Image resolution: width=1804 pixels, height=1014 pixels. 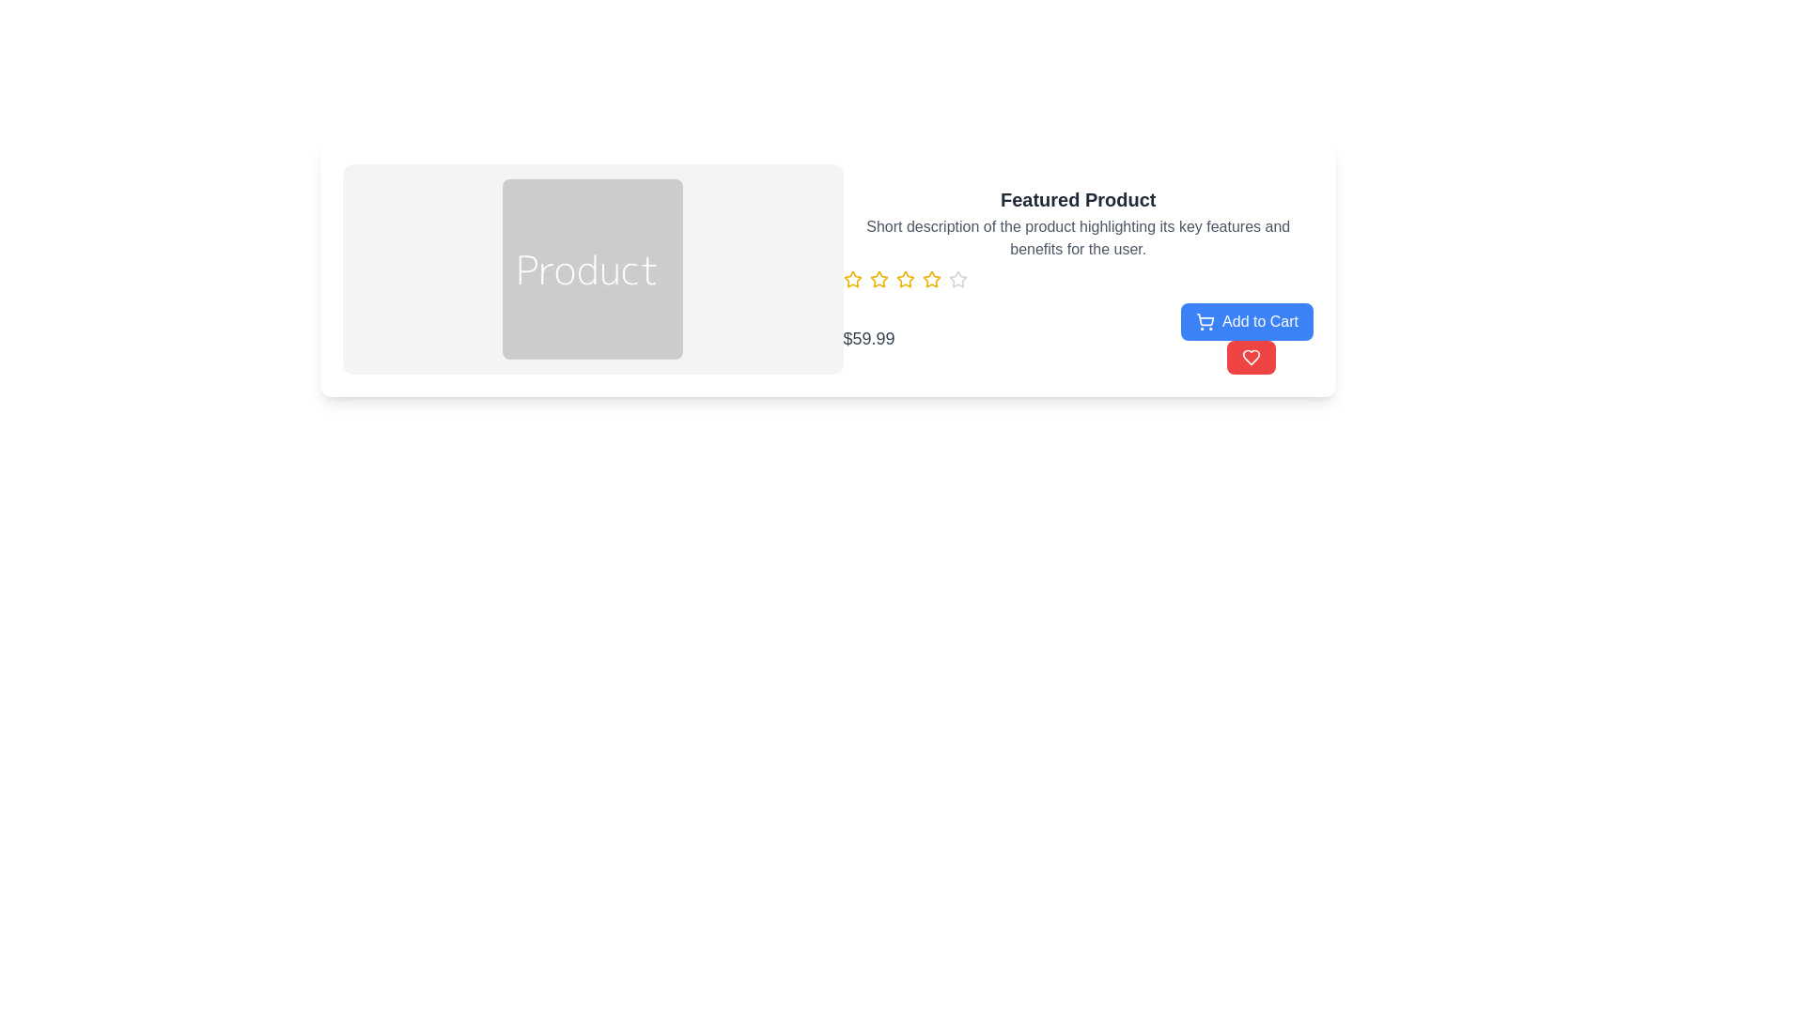 I want to click on the rating stars in the product detail card, so click(x=1078, y=281).